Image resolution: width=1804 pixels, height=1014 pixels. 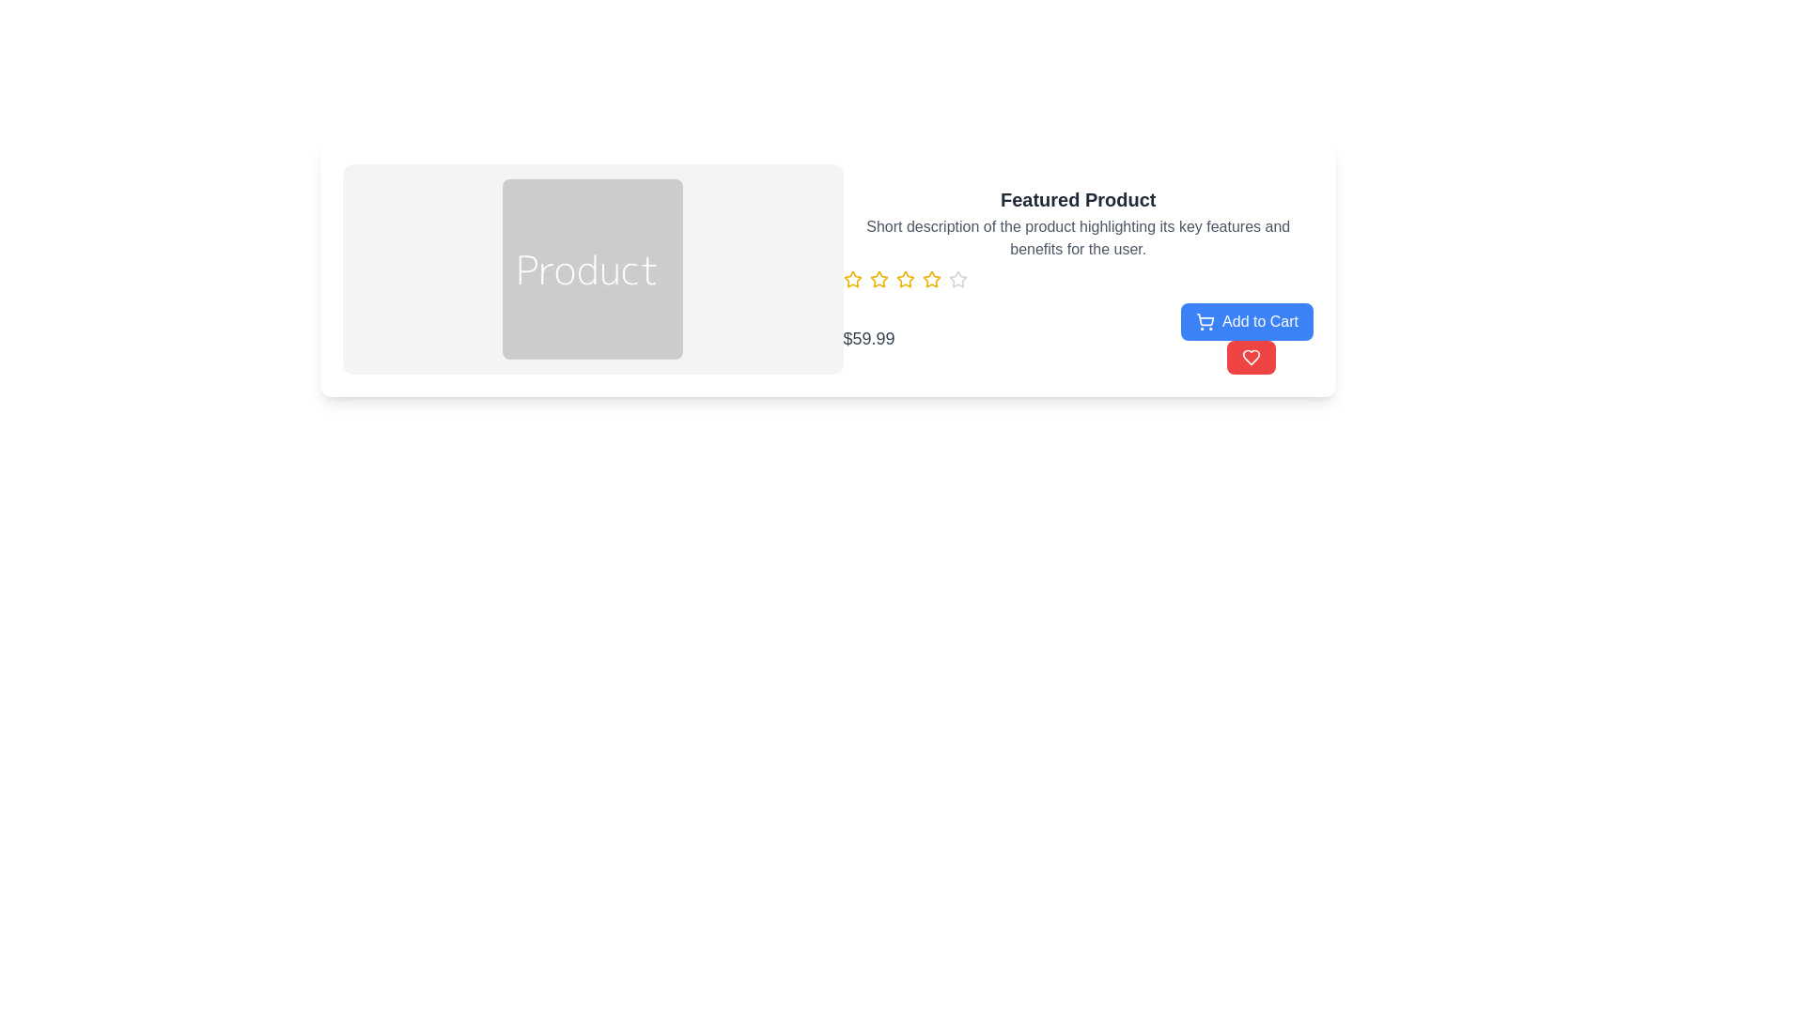 I want to click on the rating stars in the product detail card, so click(x=1078, y=281).